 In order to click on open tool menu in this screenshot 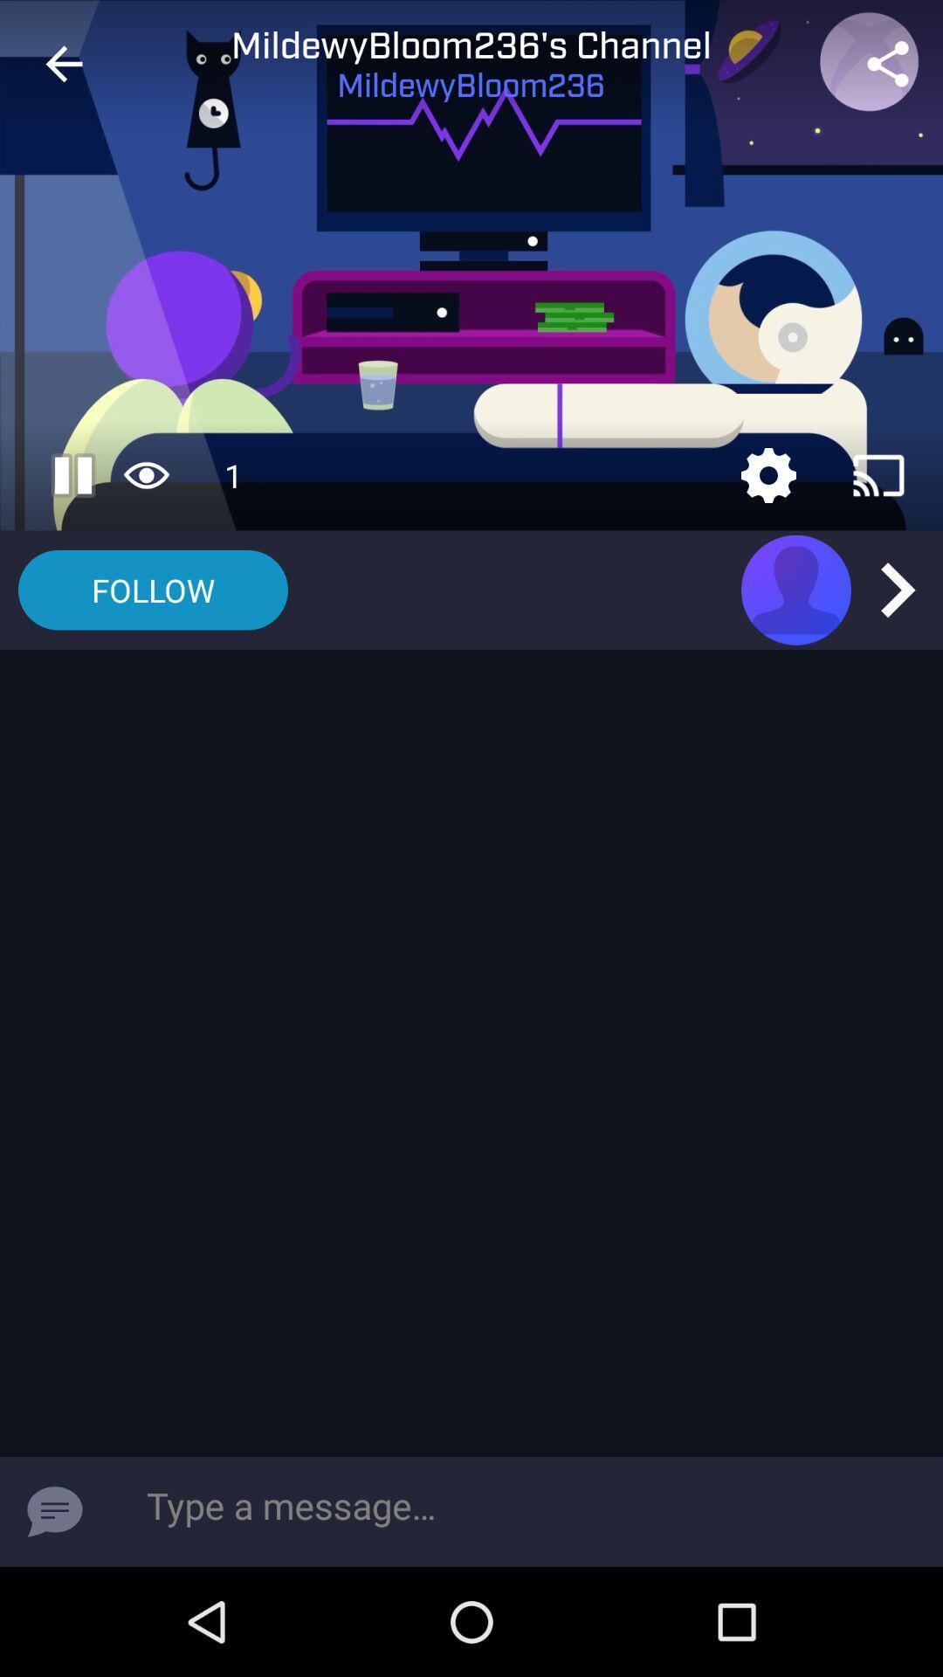, I will do `click(767, 475)`.